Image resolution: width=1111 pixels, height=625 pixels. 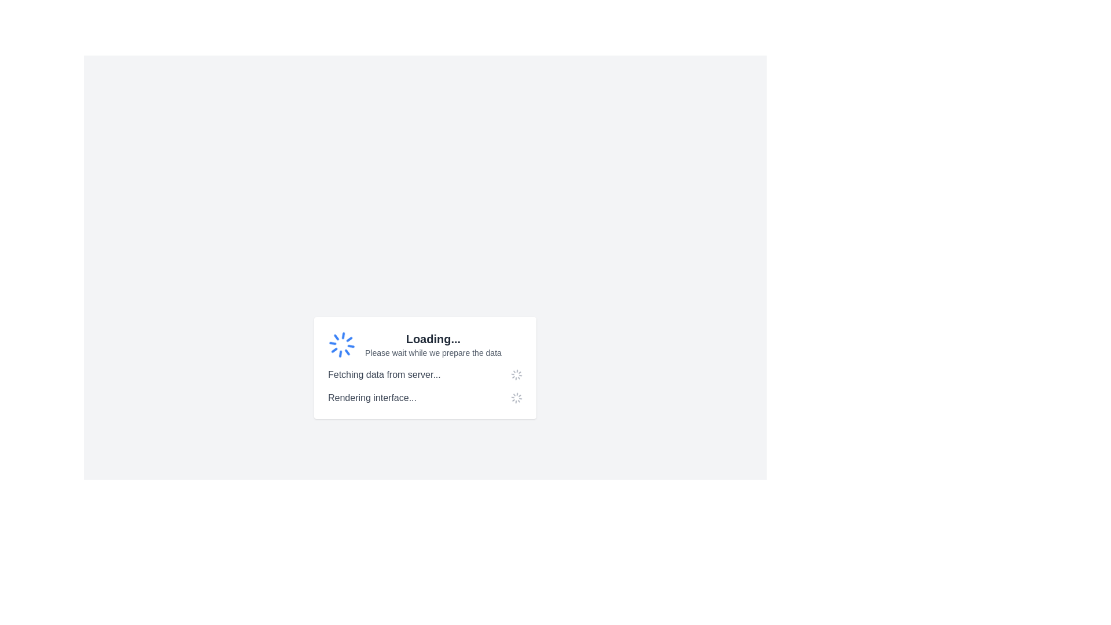 What do you see at coordinates (372, 397) in the screenshot?
I see `the light gray text label displayed in a standard sans-serif font located at the leftmost side of a loading modal, positioned next to a spinner icon` at bounding box center [372, 397].